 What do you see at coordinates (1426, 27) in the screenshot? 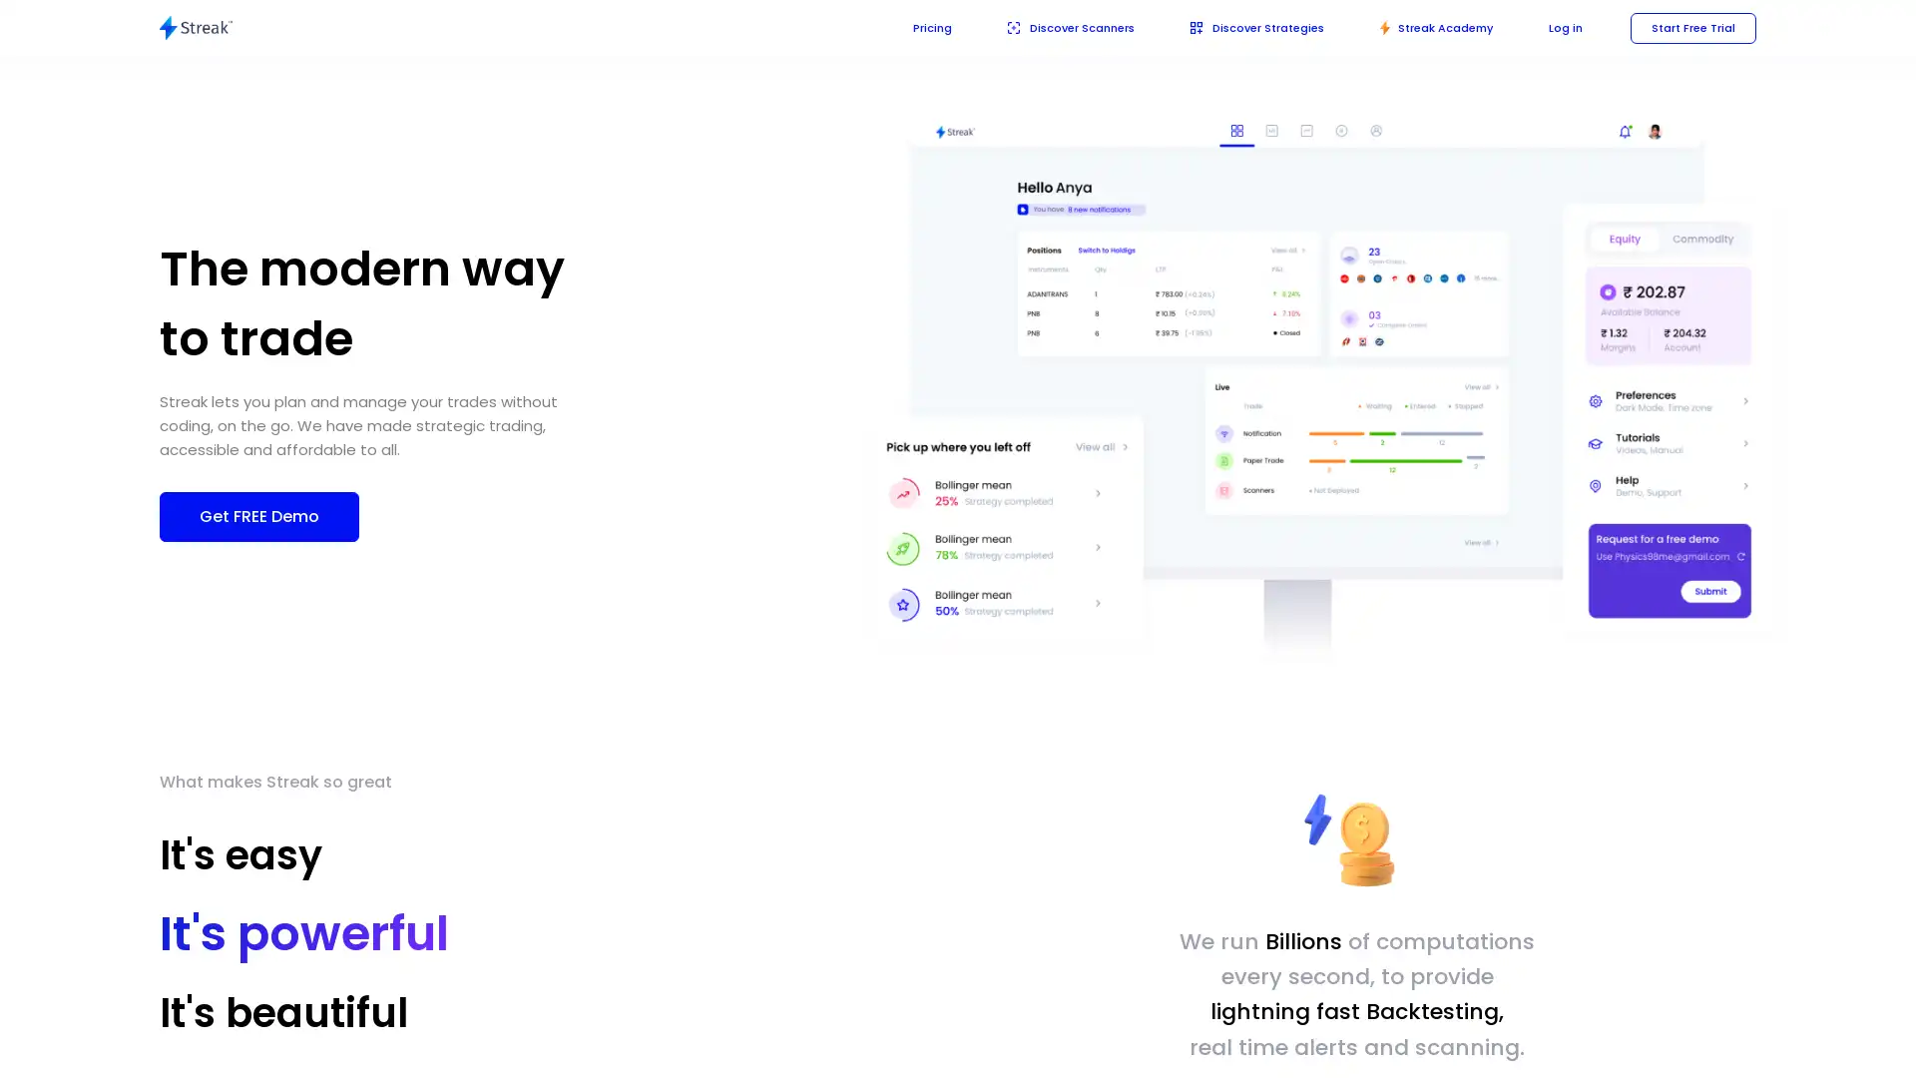
I see `academy Streak Academy` at bounding box center [1426, 27].